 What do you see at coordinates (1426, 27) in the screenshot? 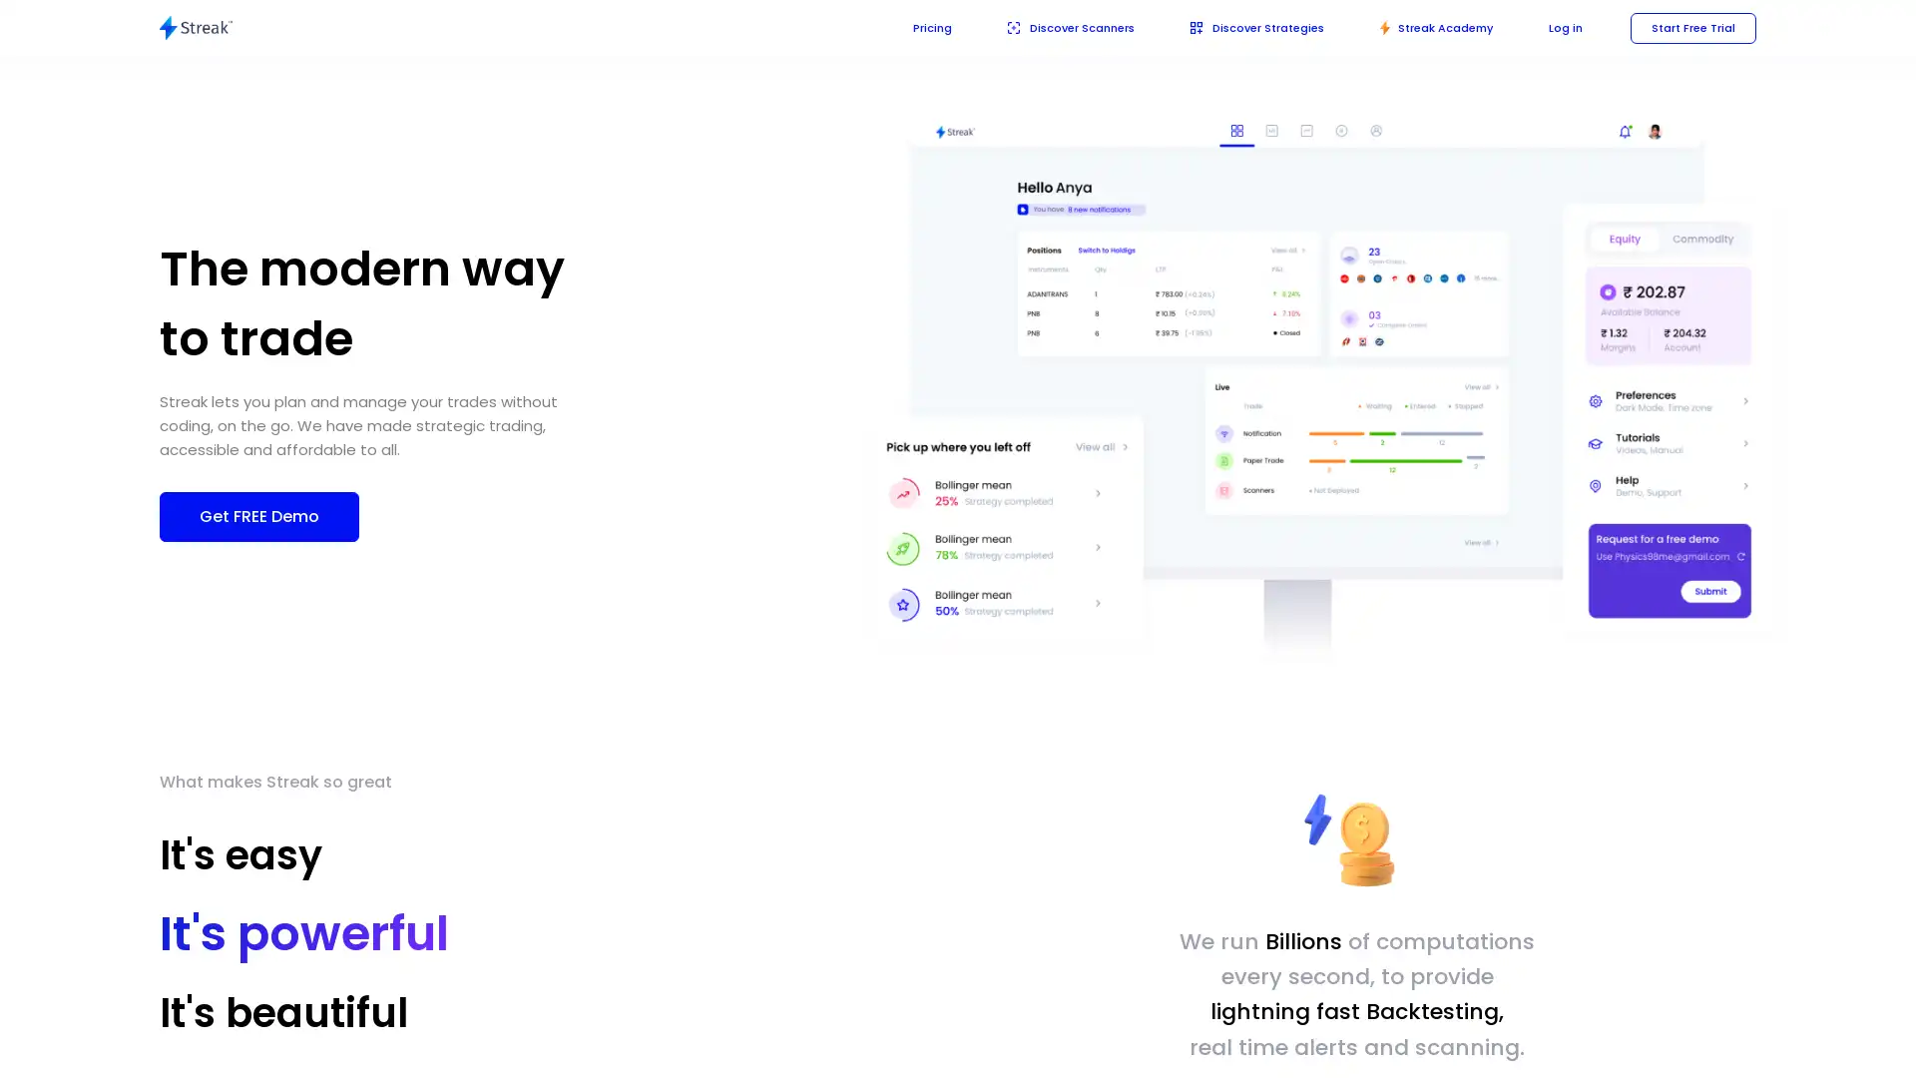
I see `academy Streak Academy` at bounding box center [1426, 27].